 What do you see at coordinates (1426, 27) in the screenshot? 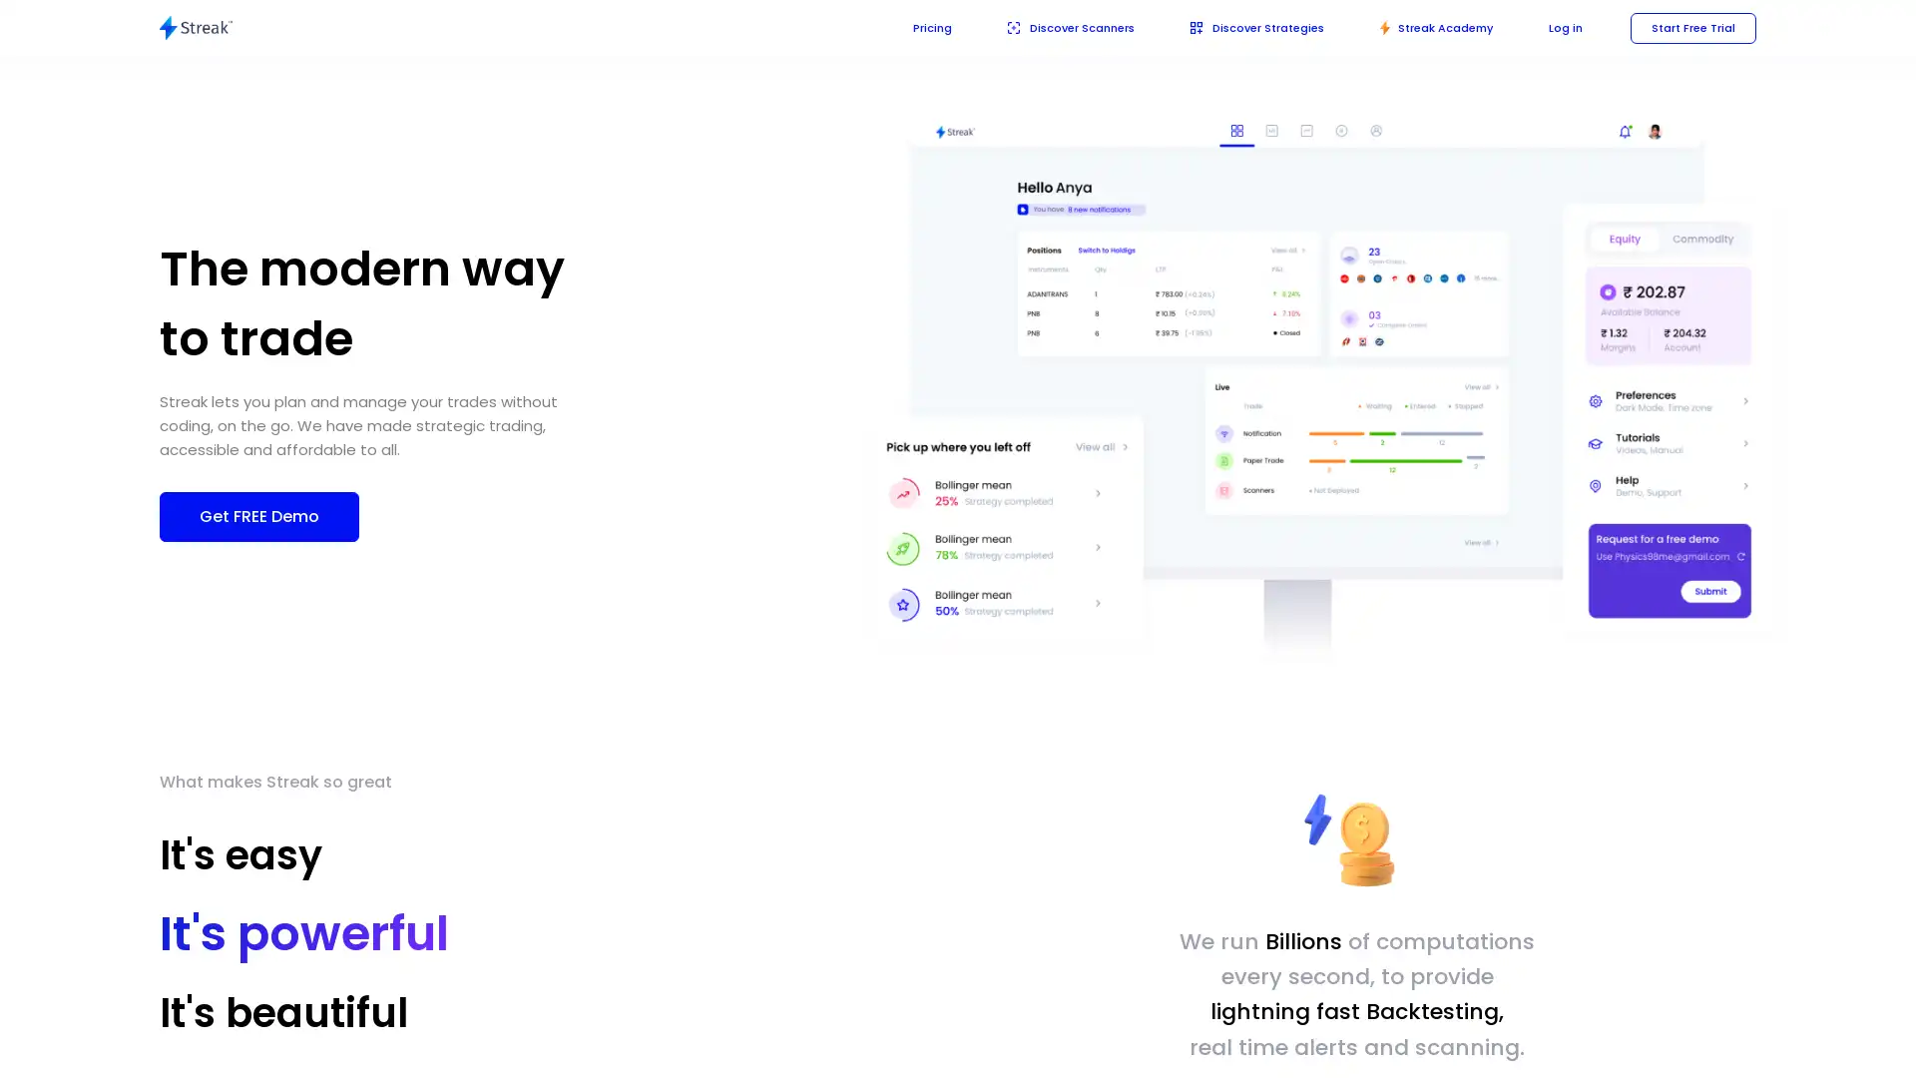
I see `academy Streak Academy` at bounding box center [1426, 27].